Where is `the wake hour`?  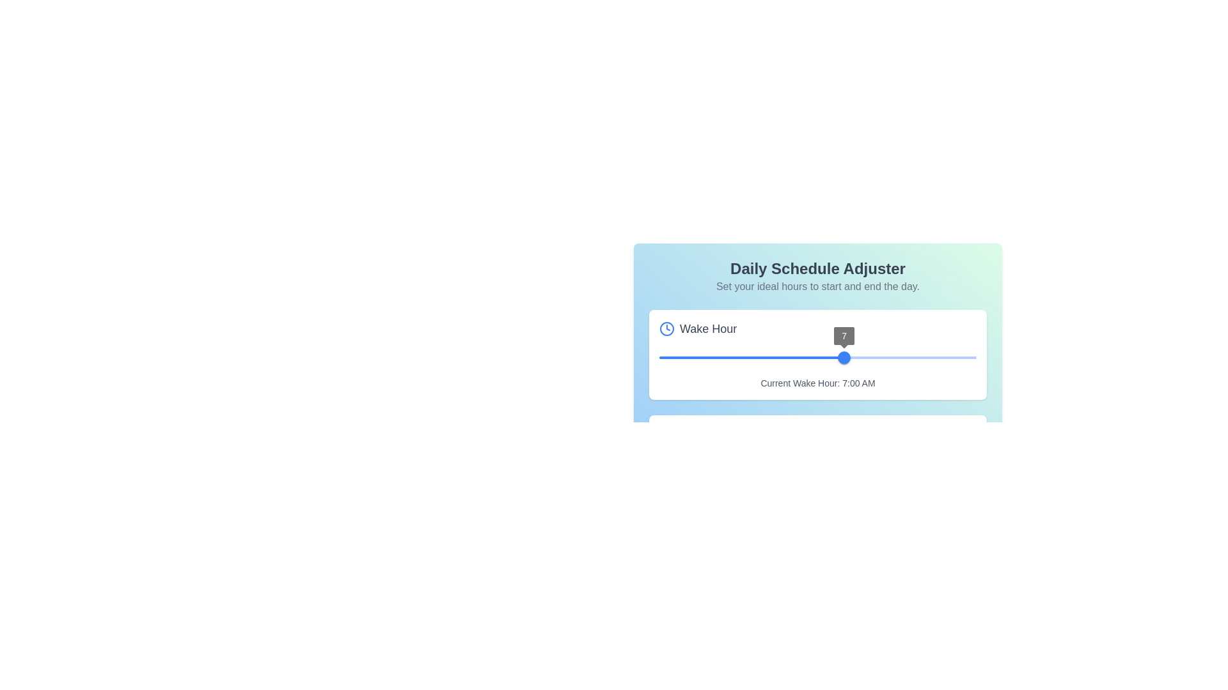 the wake hour is located at coordinates (870, 357).